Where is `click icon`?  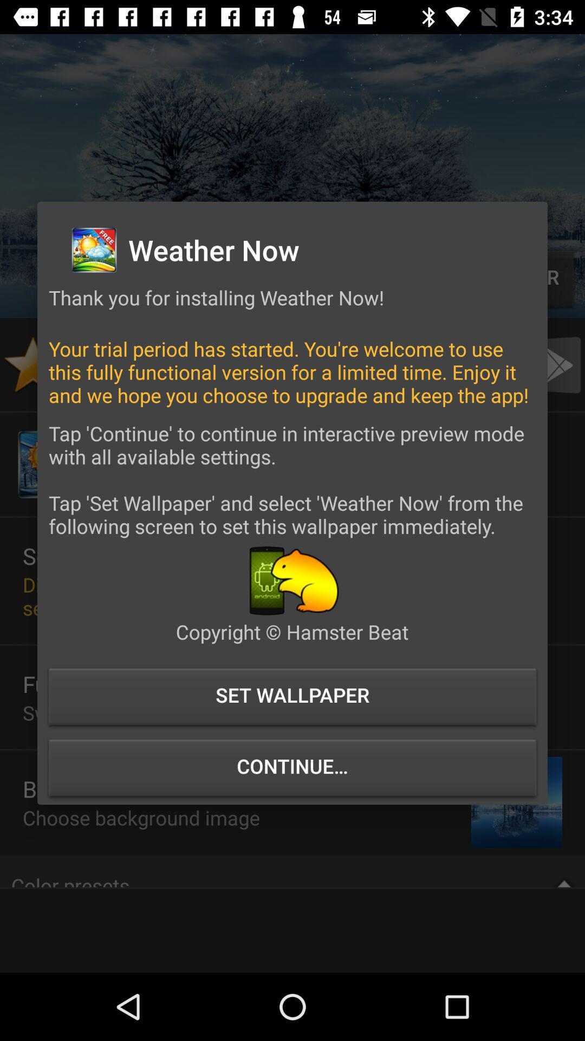
click icon is located at coordinates (291, 580).